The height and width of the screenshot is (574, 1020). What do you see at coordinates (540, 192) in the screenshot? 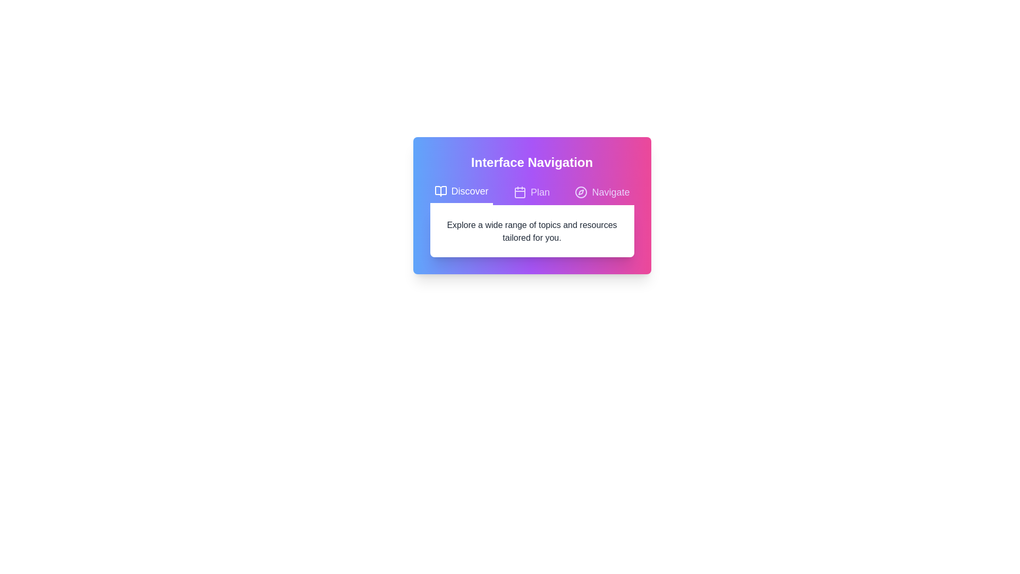
I see `the static text label displaying 'Plan' which is centrally located in the purple tab header` at bounding box center [540, 192].